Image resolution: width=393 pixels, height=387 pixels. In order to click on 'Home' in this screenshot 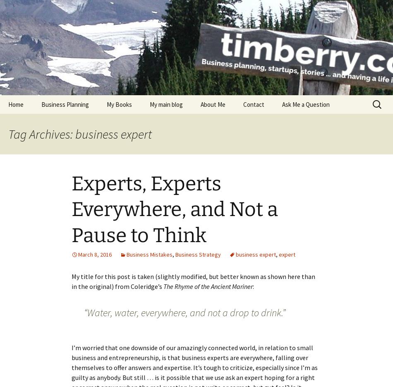, I will do `click(16, 104)`.